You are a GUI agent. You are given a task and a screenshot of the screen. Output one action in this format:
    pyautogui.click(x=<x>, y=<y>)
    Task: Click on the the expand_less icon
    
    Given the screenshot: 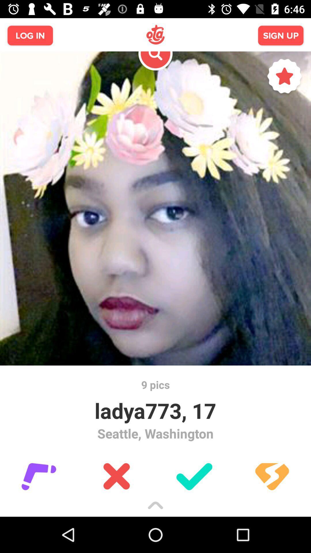 What is the action you would take?
    pyautogui.click(x=155, y=505)
    